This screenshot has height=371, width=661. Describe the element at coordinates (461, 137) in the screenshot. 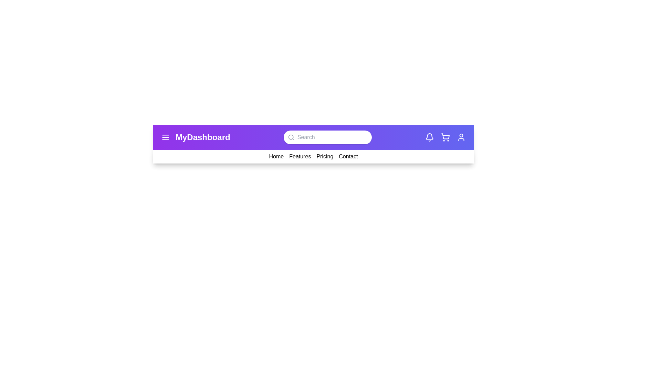

I see `the user profile icon to access the user profile` at that location.